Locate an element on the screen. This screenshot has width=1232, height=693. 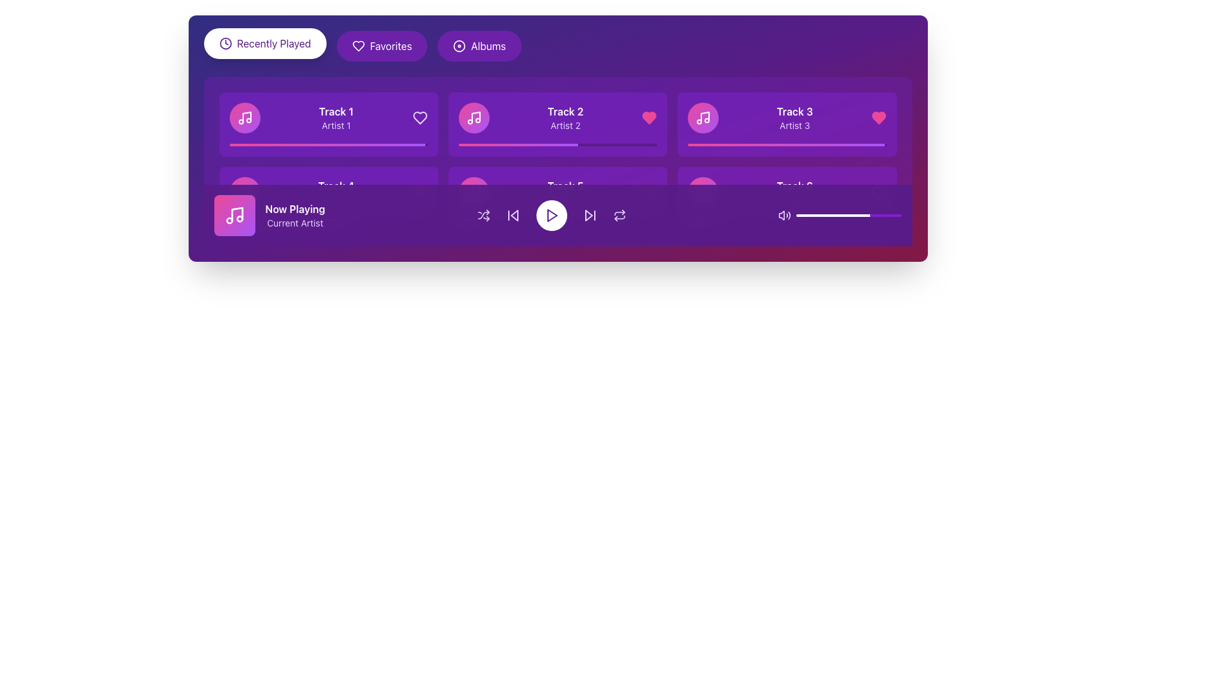
the circular SVG icon located in the top navigation bar to the left of the 'Albums' label is located at coordinates (459, 46).